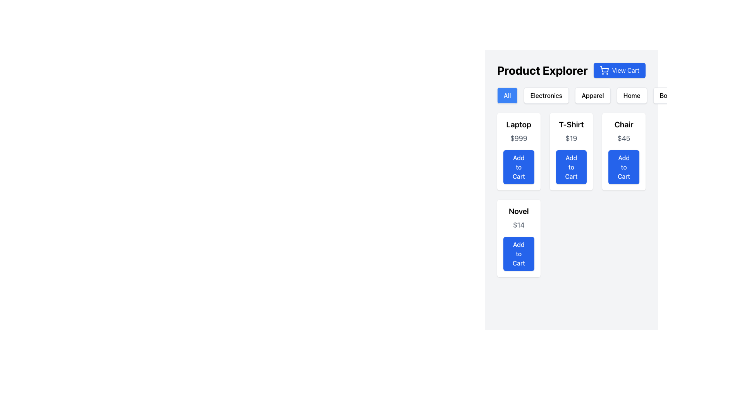  I want to click on the shopping cart button located to the right of 'Product Explorer' for a visual effect, so click(619, 70).